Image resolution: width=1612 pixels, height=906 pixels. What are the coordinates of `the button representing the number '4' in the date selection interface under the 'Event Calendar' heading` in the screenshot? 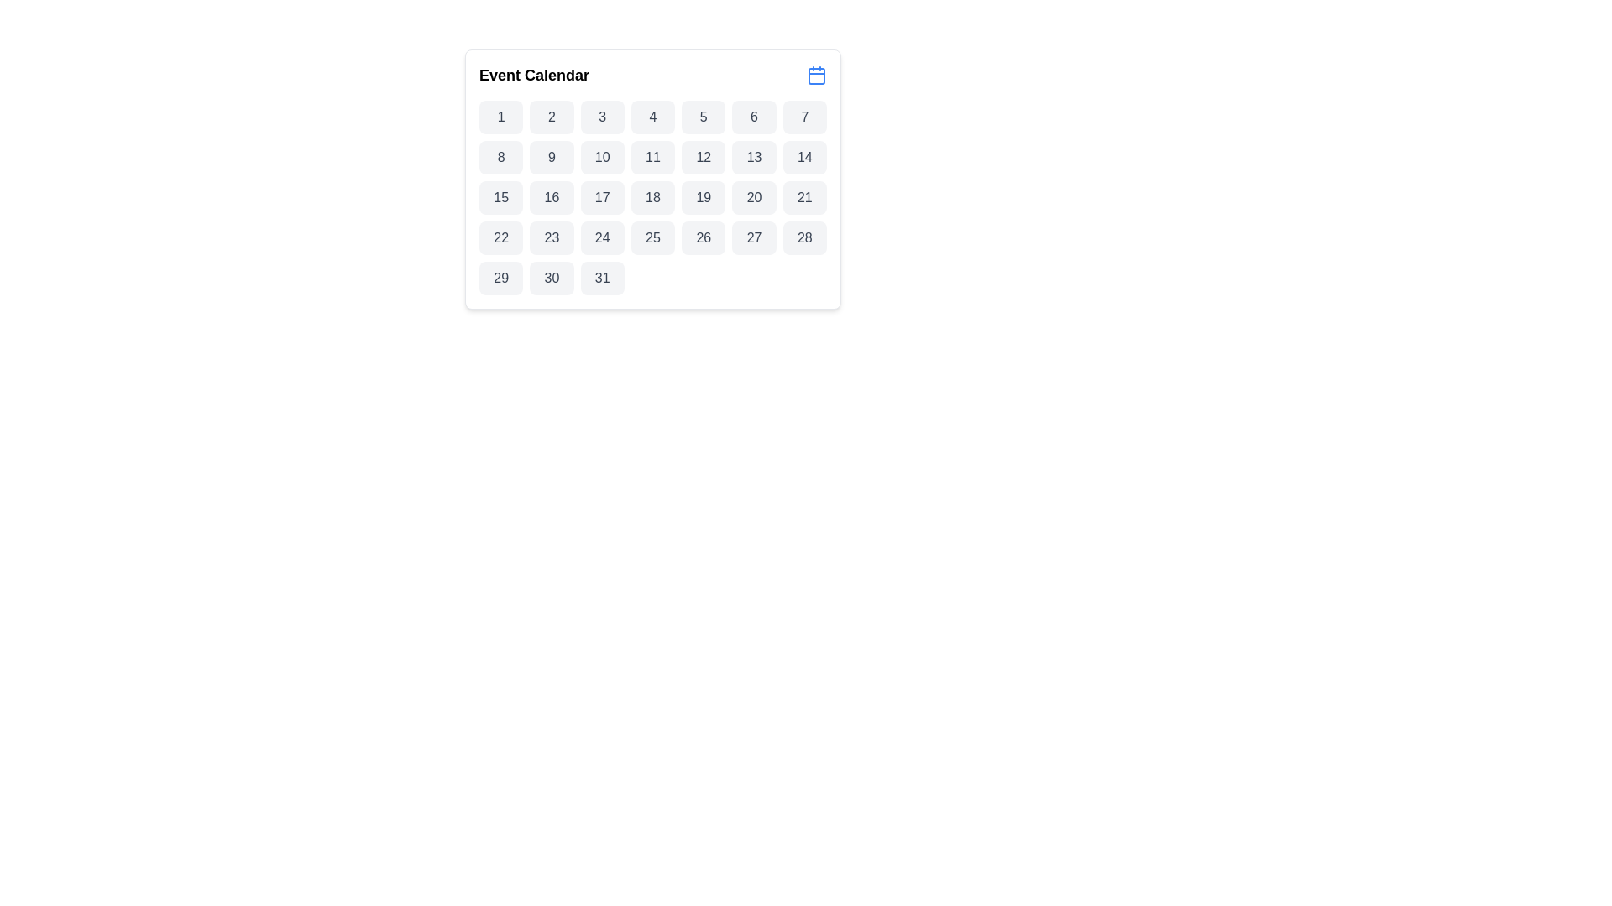 It's located at (652, 116).